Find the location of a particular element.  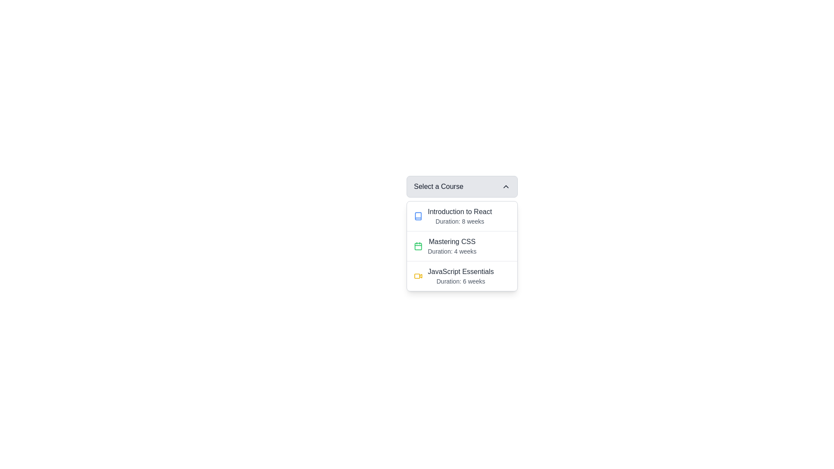

the text label displaying 'Duration: 6 weeks', which is positioned directly below the 'JavaScript Essentials' text in the vertical list under 'Select a Course' is located at coordinates (460, 281).